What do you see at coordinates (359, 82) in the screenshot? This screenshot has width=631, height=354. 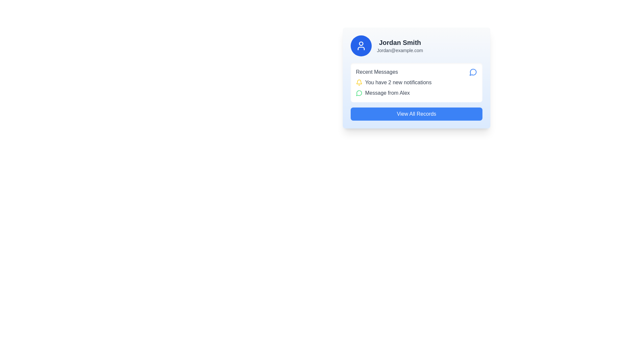 I see `the yellow bell icon representing notifications` at bounding box center [359, 82].